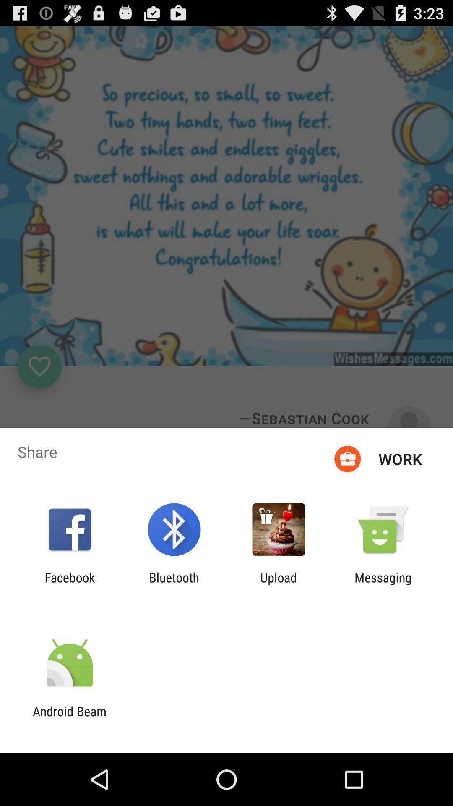 This screenshot has height=806, width=453. Describe the element at coordinates (279, 584) in the screenshot. I see `icon to the right of the bluetooth app` at that location.